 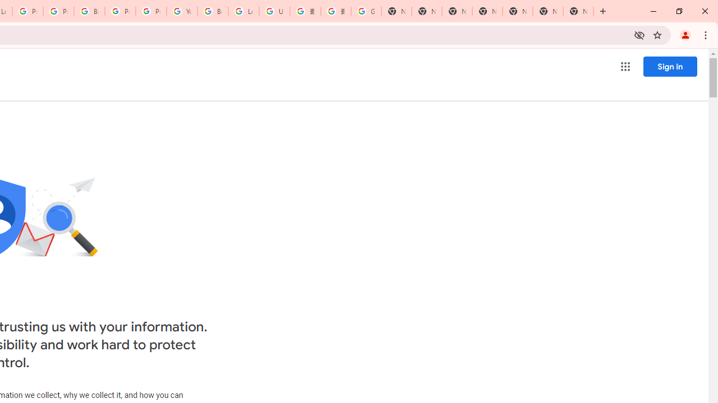 What do you see at coordinates (366, 11) in the screenshot?
I see `'Google Images'` at bounding box center [366, 11].